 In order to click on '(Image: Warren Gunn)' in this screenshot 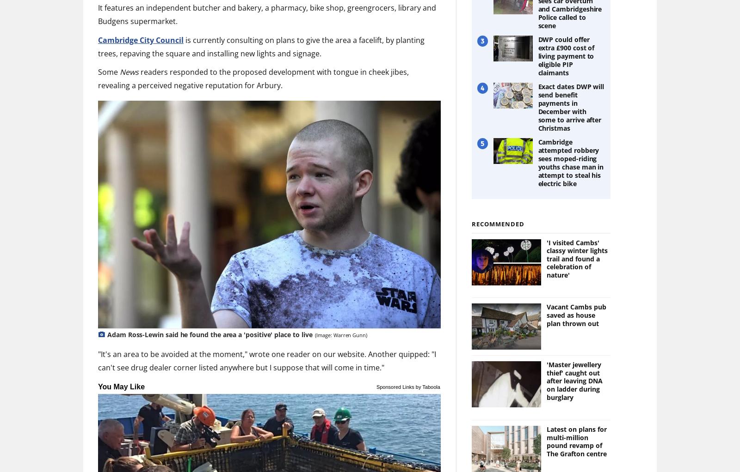, I will do `click(341, 334)`.